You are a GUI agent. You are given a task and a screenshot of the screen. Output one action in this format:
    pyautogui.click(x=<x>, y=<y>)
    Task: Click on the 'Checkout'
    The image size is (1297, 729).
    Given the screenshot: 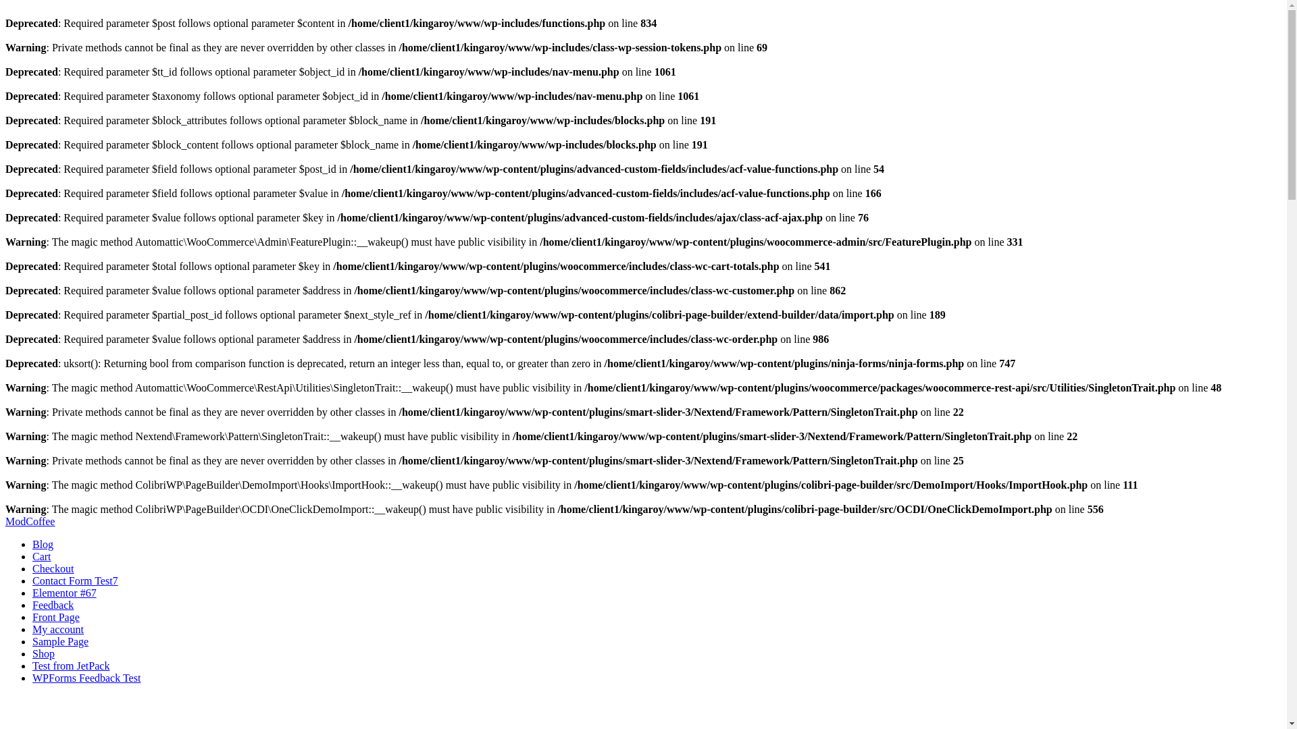 What is the action you would take?
    pyautogui.click(x=53, y=568)
    